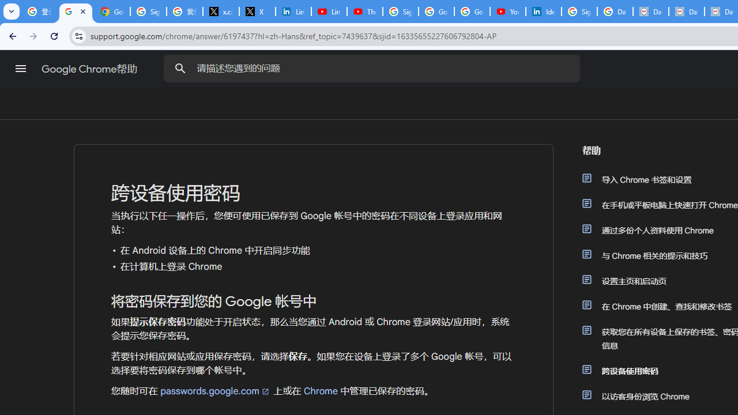 Image resolution: width=738 pixels, height=415 pixels. I want to click on 'LinkedIn - YouTube', so click(328, 12).